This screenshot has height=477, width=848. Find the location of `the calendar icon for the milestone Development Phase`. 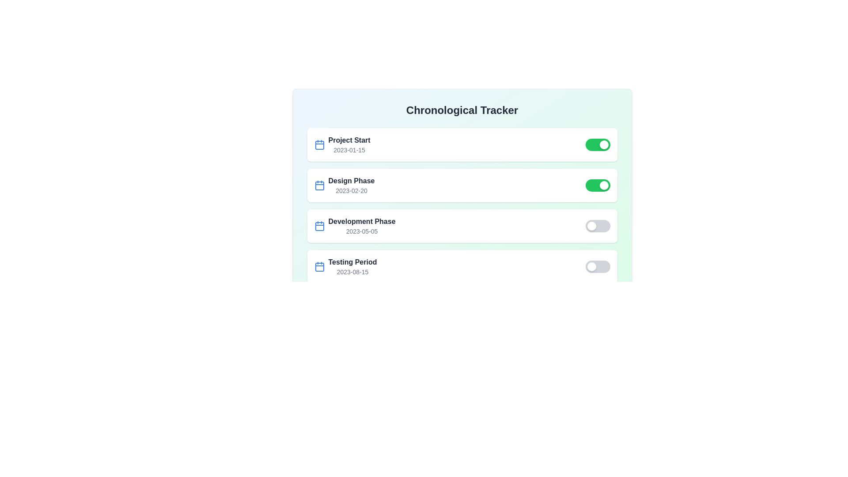

the calendar icon for the milestone Development Phase is located at coordinates (319, 226).